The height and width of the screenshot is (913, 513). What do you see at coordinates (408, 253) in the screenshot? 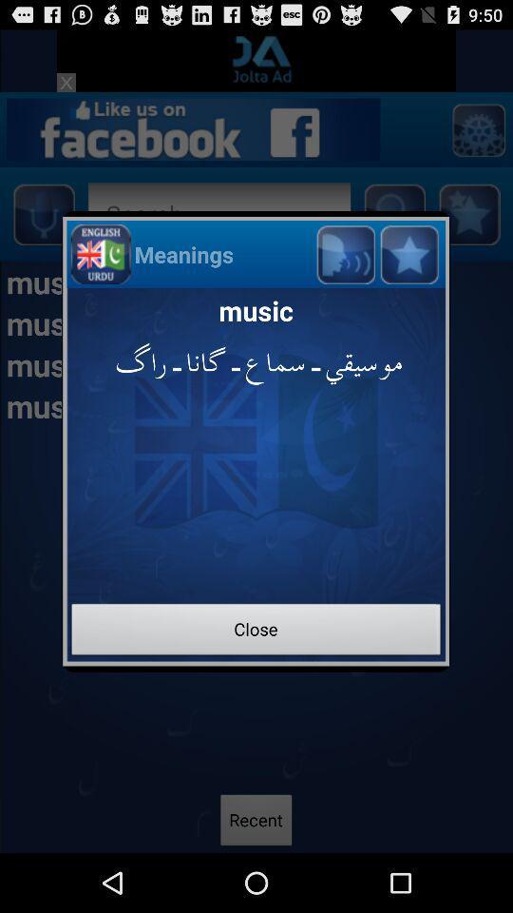
I see `star button` at bounding box center [408, 253].